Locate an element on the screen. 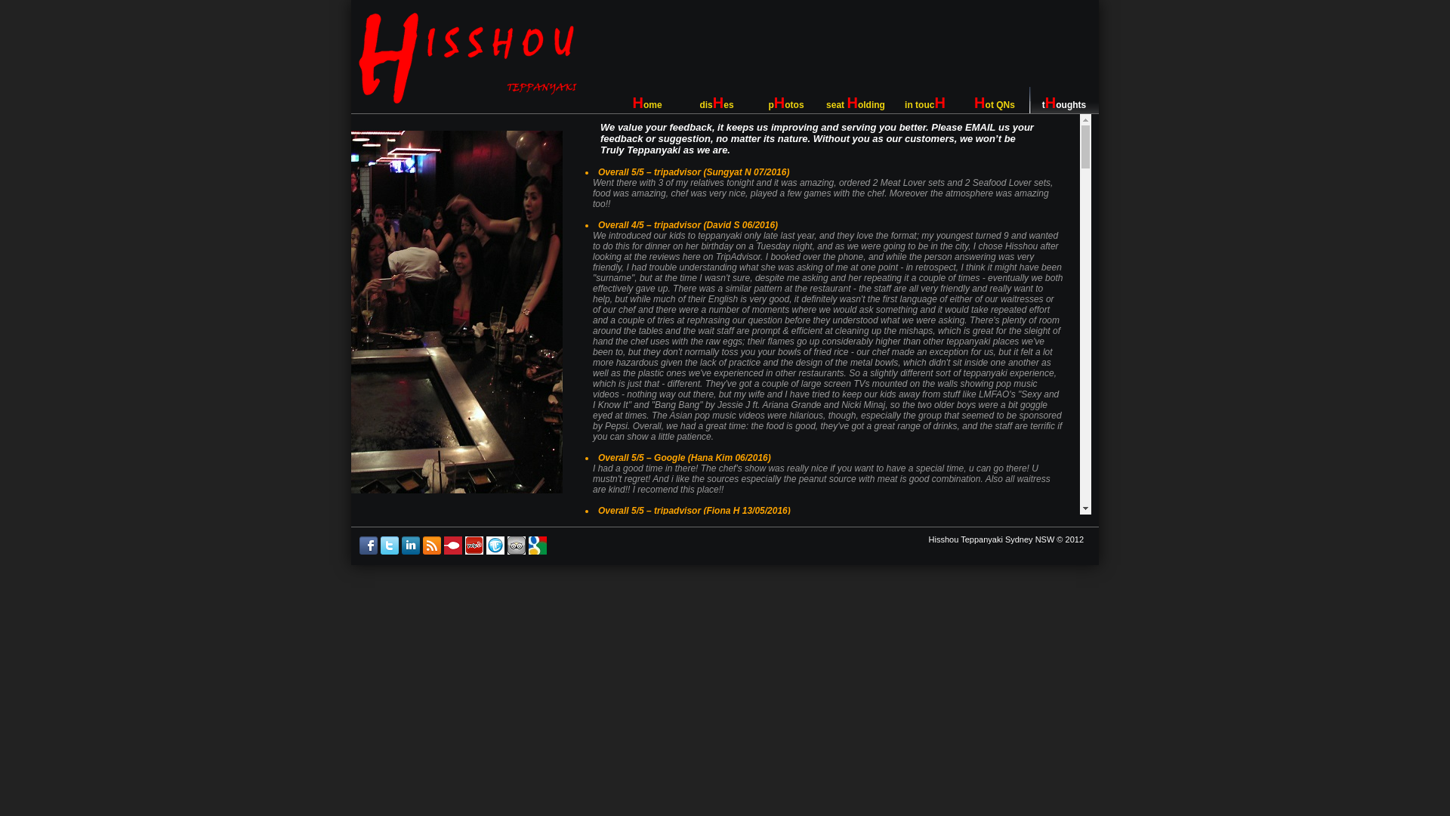 This screenshot has height=816, width=1450. 'fws' is located at coordinates (516, 551).